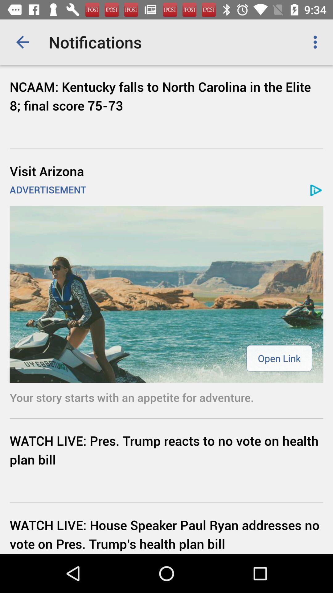 This screenshot has height=593, width=333. What do you see at coordinates (279, 358) in the screenshot?
I see `the open link item` at bounding box center [279, 358].